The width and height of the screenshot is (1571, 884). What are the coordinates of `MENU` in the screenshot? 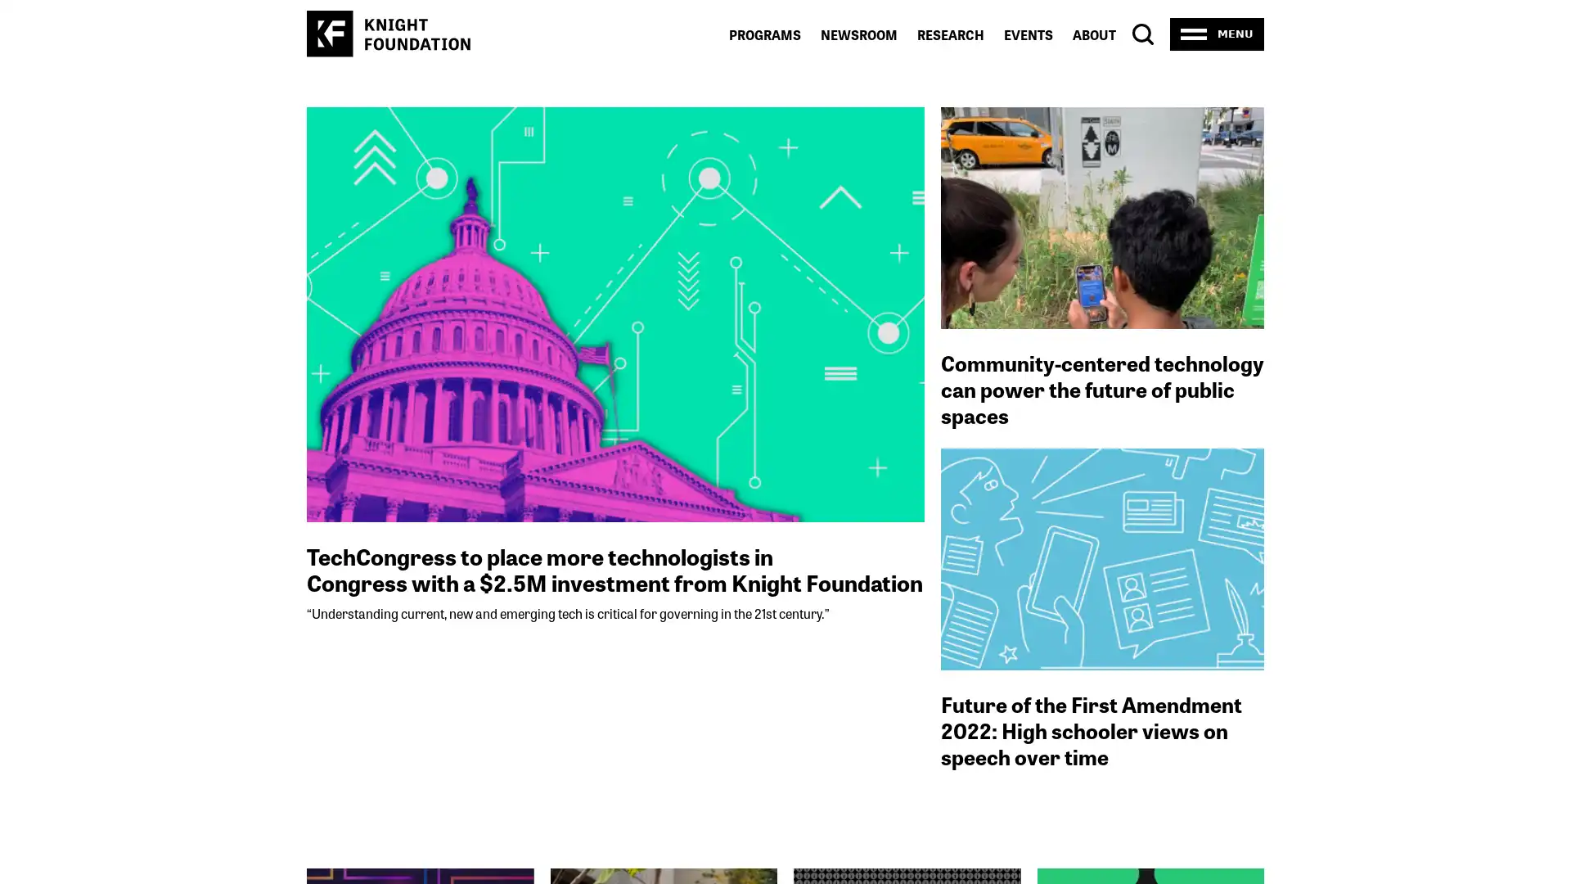 It's located at (1217, 34).